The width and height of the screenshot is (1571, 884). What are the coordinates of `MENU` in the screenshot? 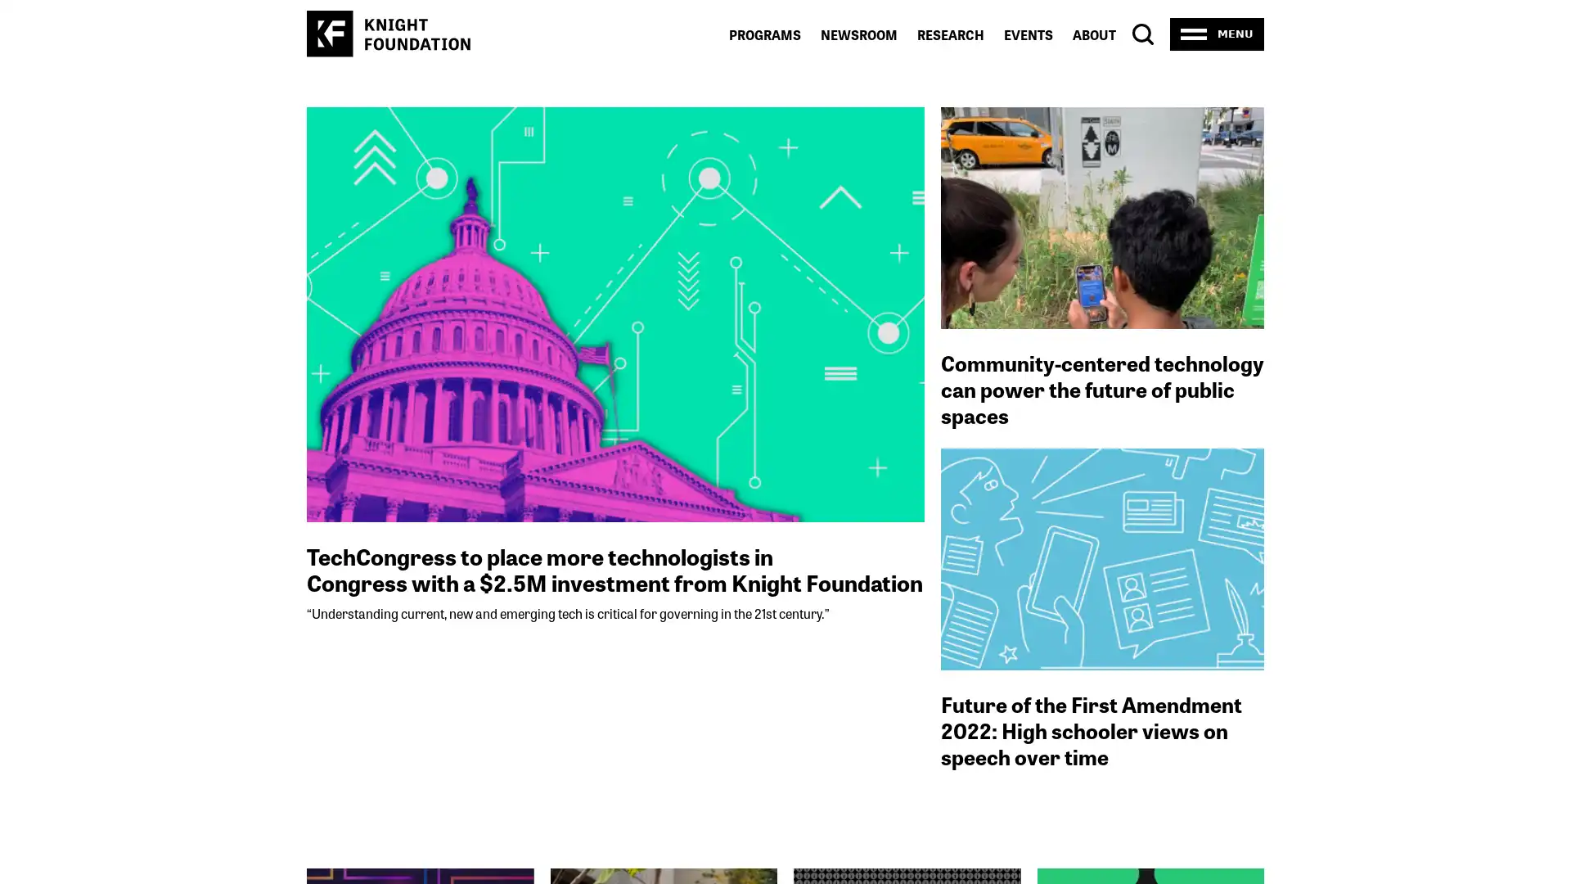 It's located at (1217, 34).